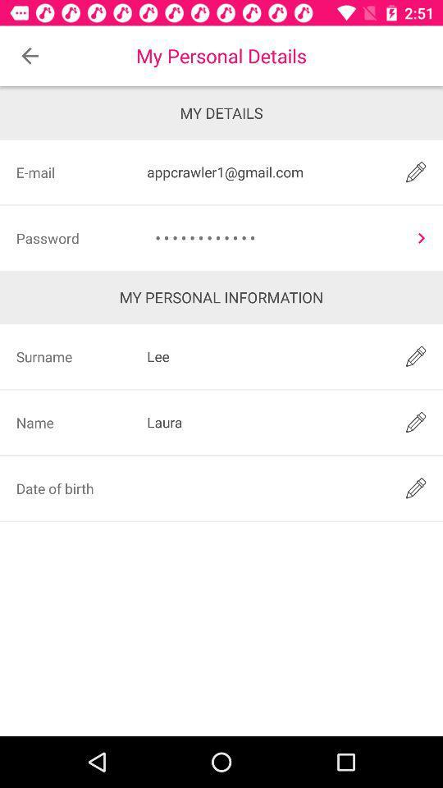 This screenshot has width=443, height=788. What do you see at coordinates (274, 237) in the screenshot?
I see `************ item` at bounding box center [274, 237].